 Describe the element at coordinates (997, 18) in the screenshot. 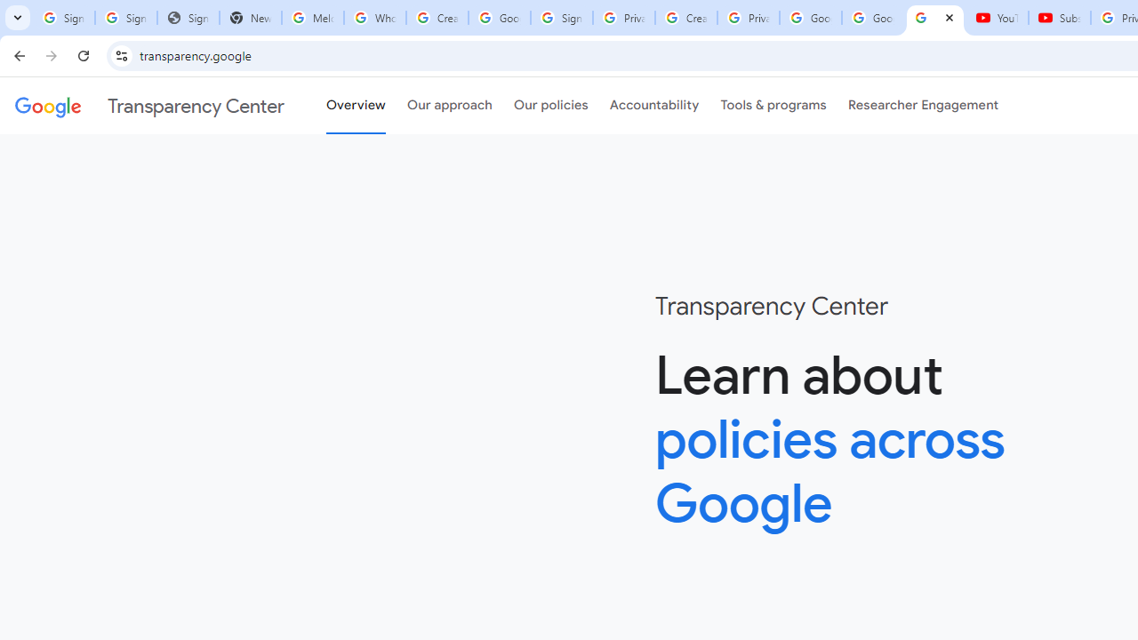

I see `'YouTube'` at that location.